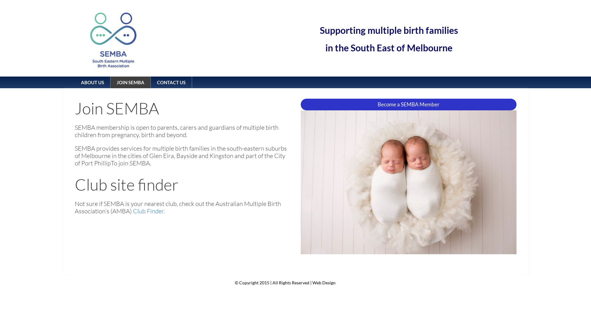 This screenshot has height=332, width=591. Describe the element at coordinates (323, 283) in the screenshot. I see `'Web Design'` at that location.